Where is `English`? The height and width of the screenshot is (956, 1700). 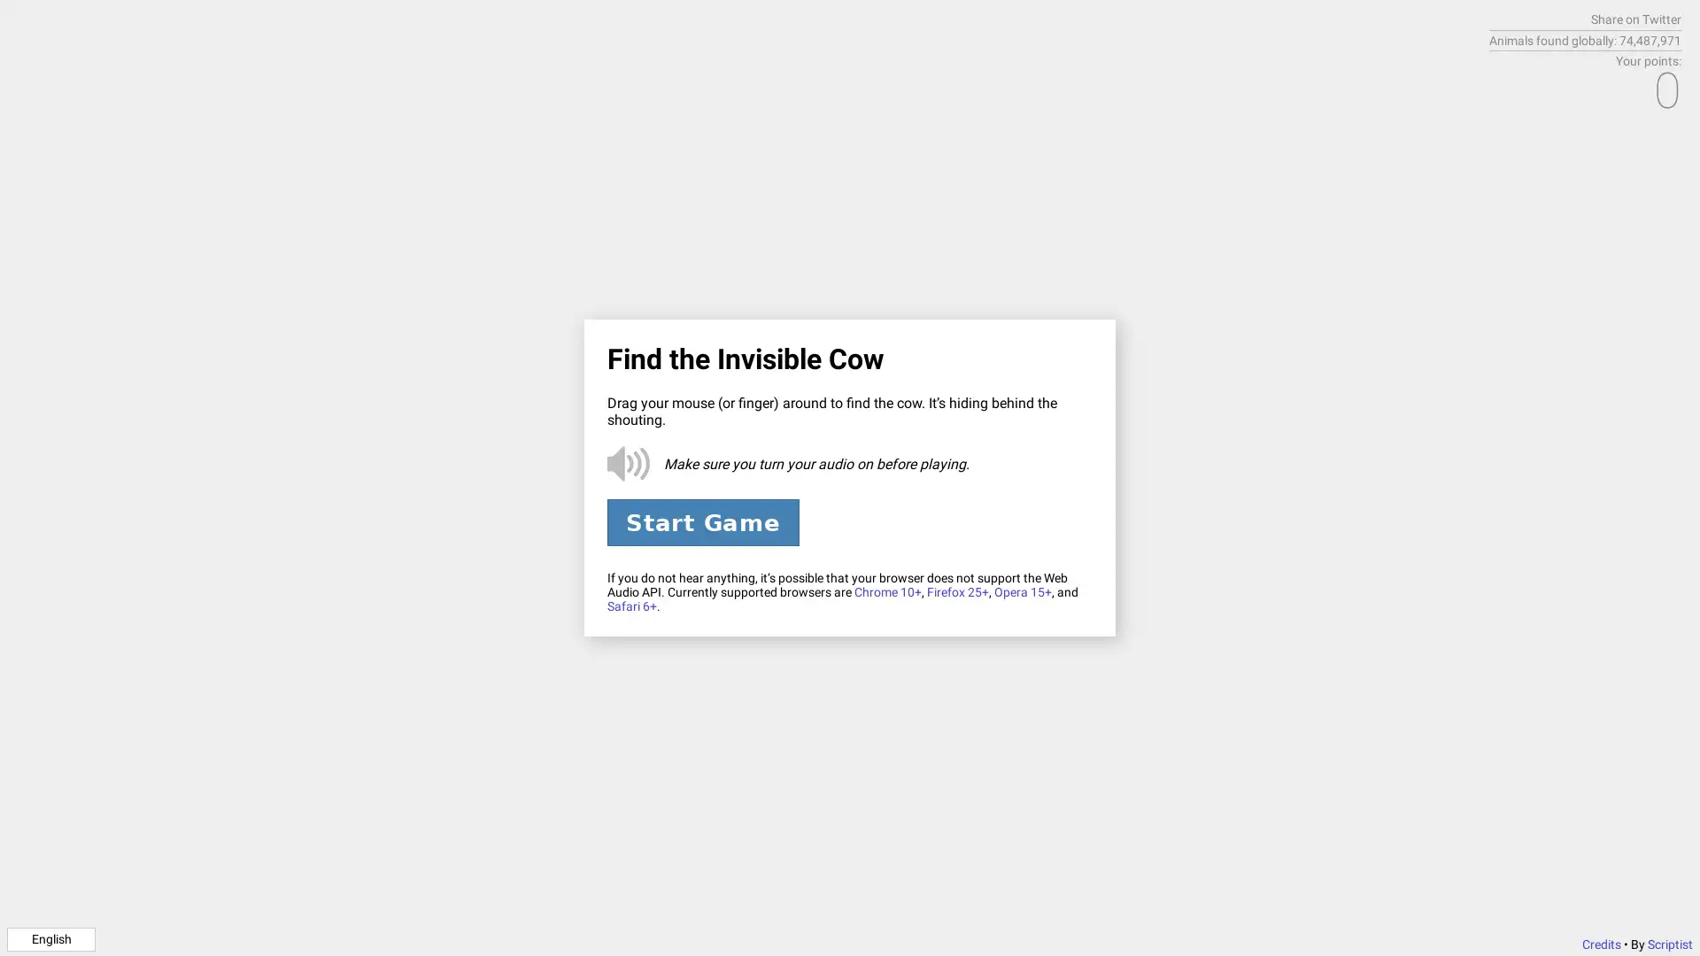
English is located at coordinates (50, 937).